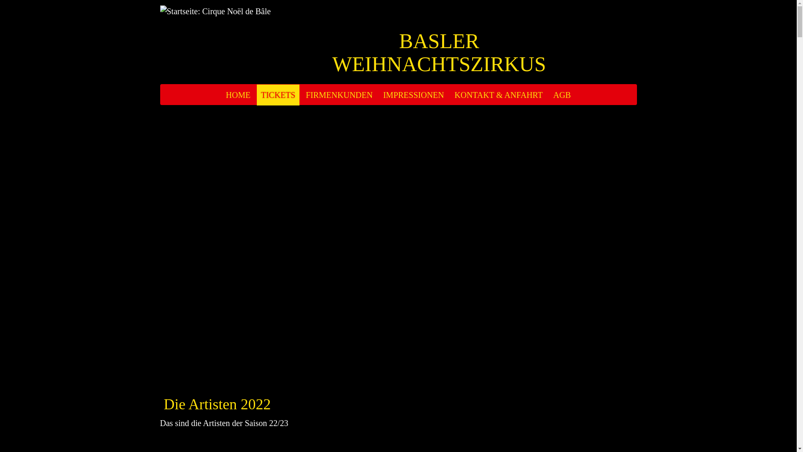  What do you see at coordinates (549, 95) in the screenshot?
I see `'AGB'` at bounding box center [549, 95].